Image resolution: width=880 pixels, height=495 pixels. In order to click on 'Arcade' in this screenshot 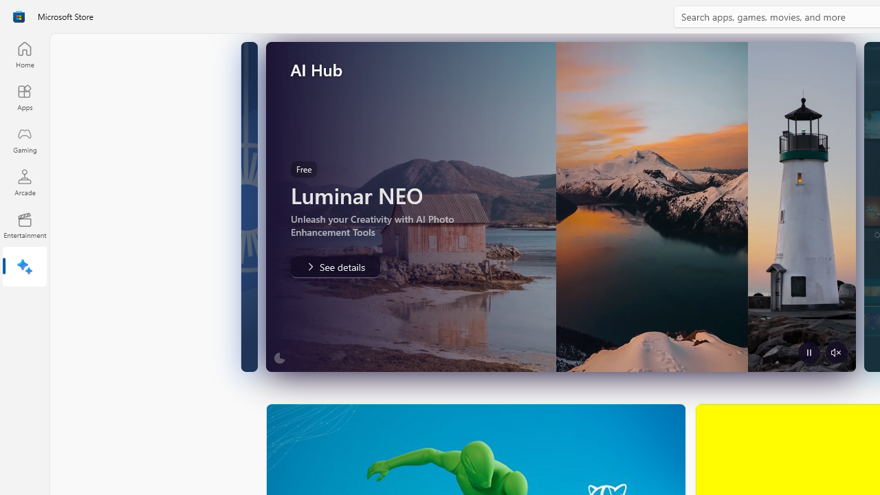, I will do `click(24, 181)`.